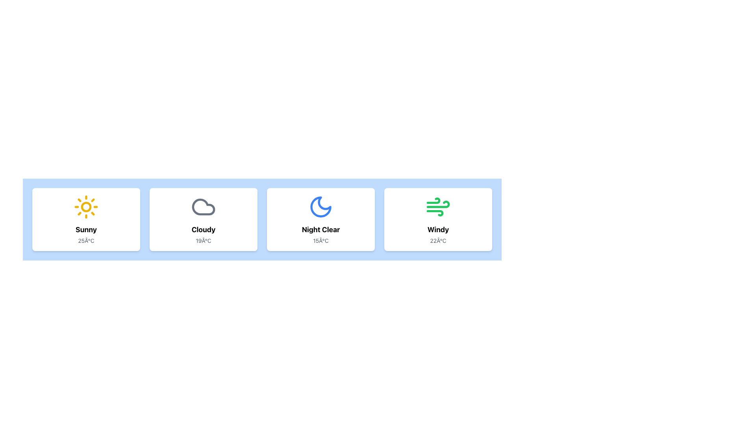 The width and height of the screenshot is (756, 425). What do you see at coordinates (86, 229) in the screenshot?
I see `the bold-text label displaying the weather description 'Sunny' located in the first weather information card, positioned below the sun icon and above the temperature indication '25°C'` at bounding box center [86, 229].